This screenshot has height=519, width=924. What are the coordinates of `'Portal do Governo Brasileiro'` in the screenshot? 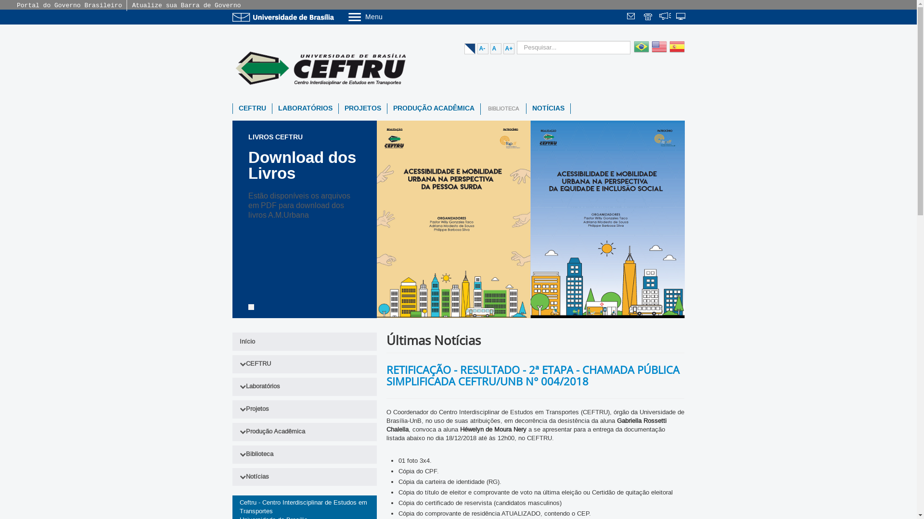 It's located at (69, 5).